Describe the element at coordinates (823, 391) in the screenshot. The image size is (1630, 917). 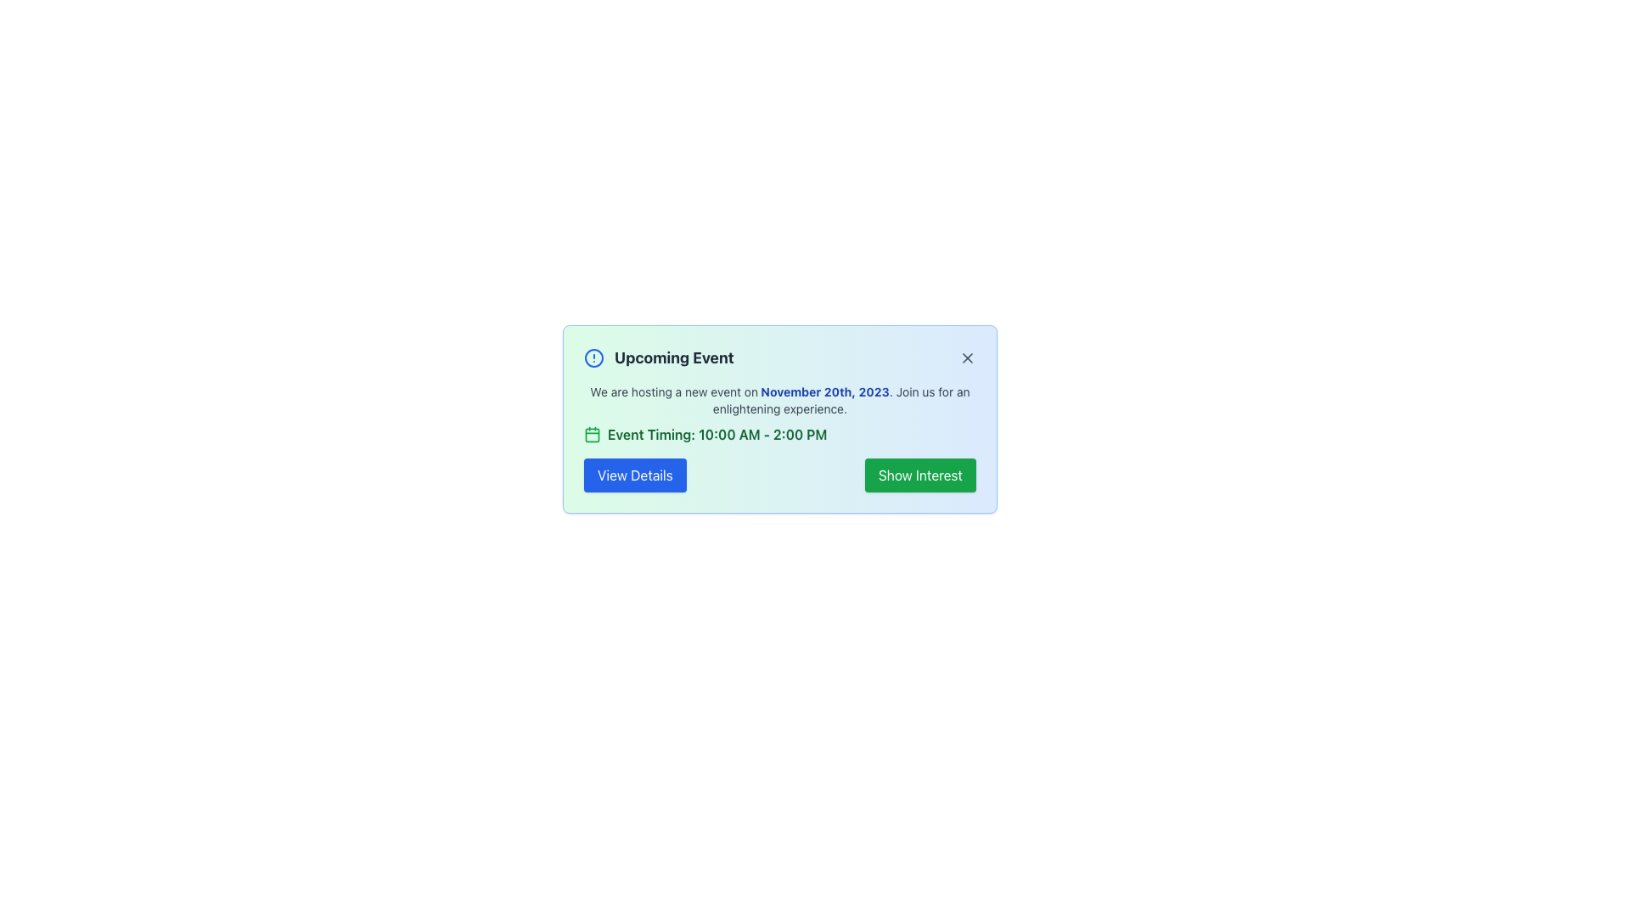
I see `the blue-colored, underlined text segment displaying 'November 20th, 2023', which is styled as a hyperlink within the 'Upcoming Event' card layout` at that location.